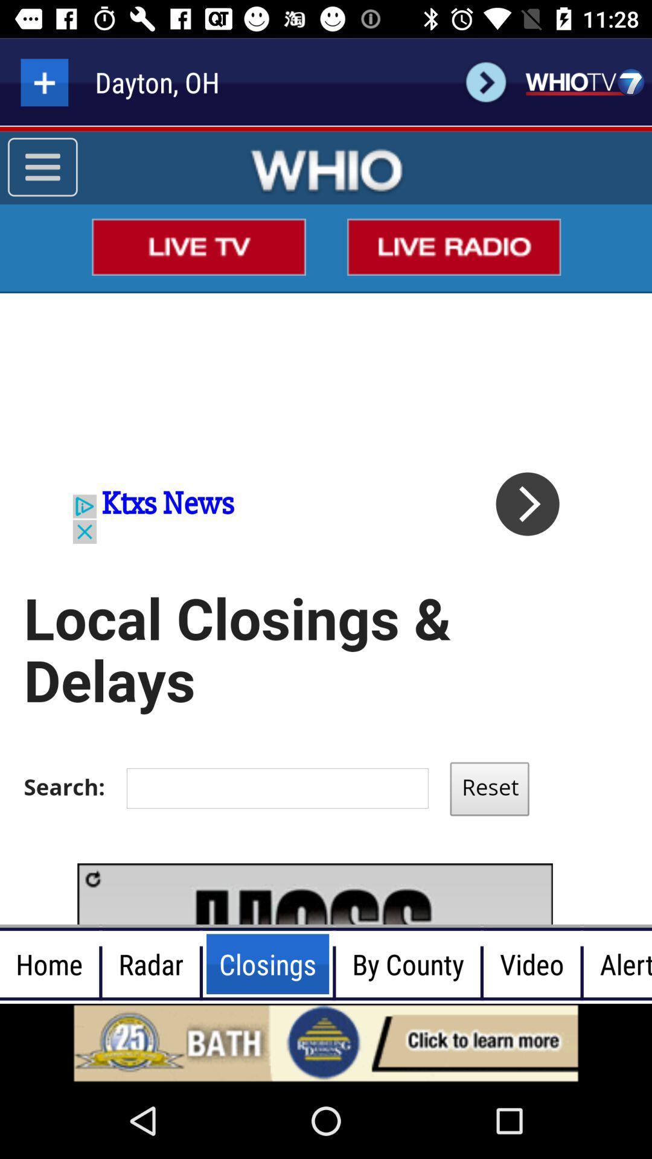 The image size is (652, 1159). What do you see at coordinates (326, 1042) in the screenshot?
I see `banner` at bounding box center [326, 1042].